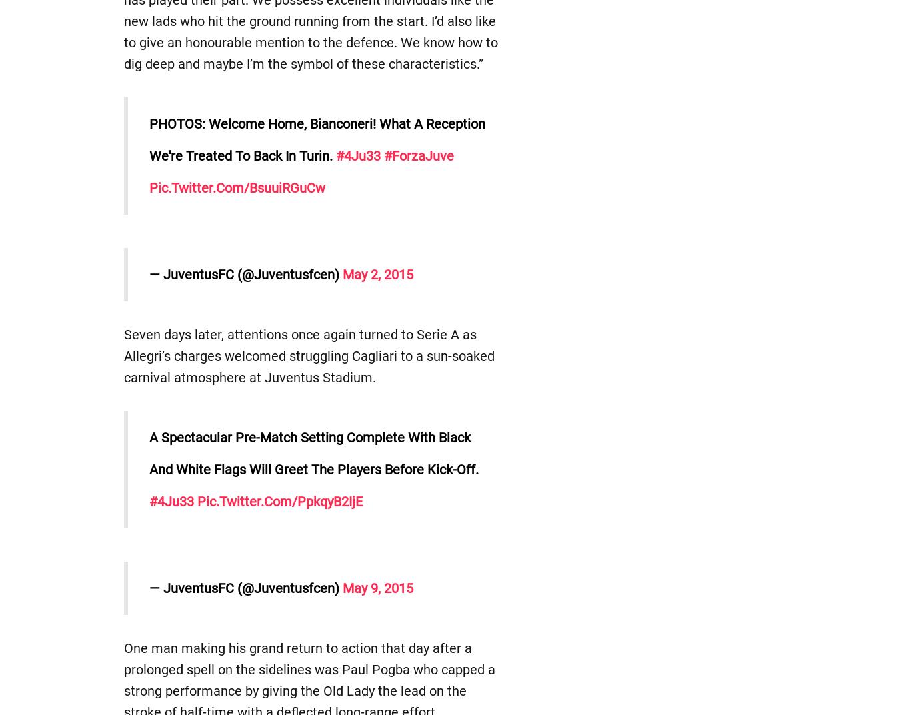 This screenshot has width=900, height=715. What do you see at coordinates (149, 140) in the screenshot?
I see `'PHOTOS: Welcome home, Bianconeri! What a reception we're treated to back in Turin.'` at bounding box center [149, 140].